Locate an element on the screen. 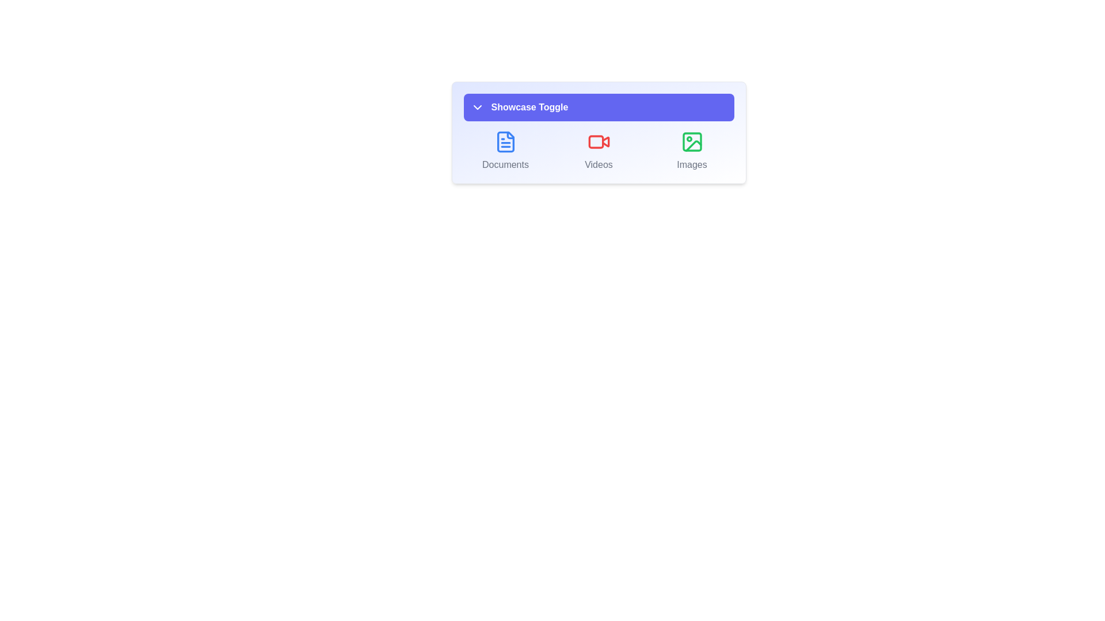  the 'Documents', 'Videos', or 'Images' section icons or labels in the grid layout is located at coordinates (599, 150).